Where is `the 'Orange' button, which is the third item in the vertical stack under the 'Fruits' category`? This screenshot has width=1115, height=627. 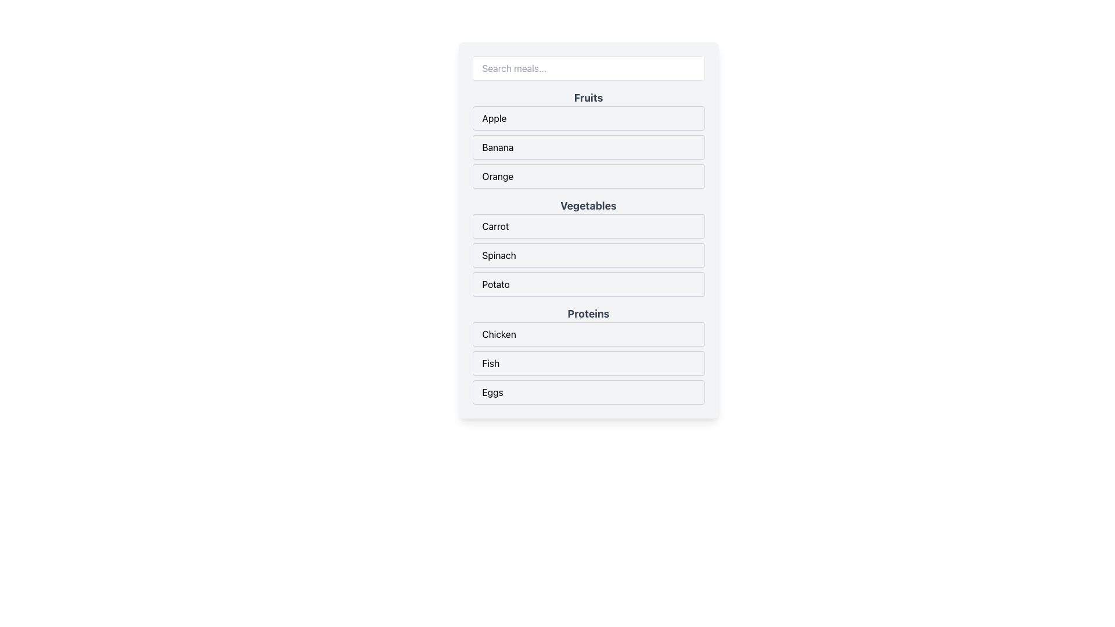 the 'Orange' button, which is the third item in the vertical stack under the 'Fruits' category is located at coordinates (588, 176).